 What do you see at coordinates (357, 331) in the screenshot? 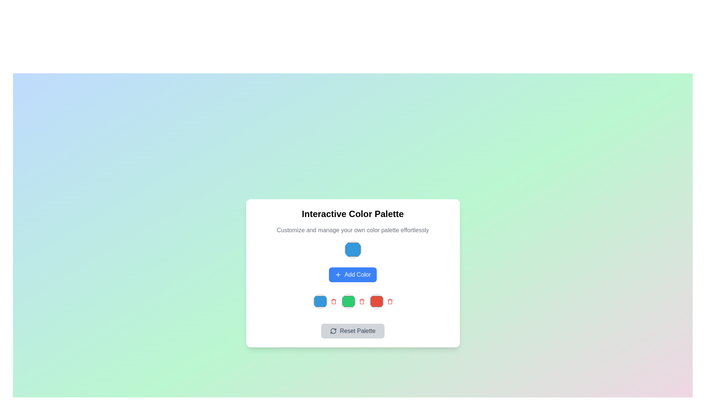
I see `the text label for the 'Reset Palette' button, which is centrally aligned within the button at the bottom center of the window` at bounding box center [357, 331].